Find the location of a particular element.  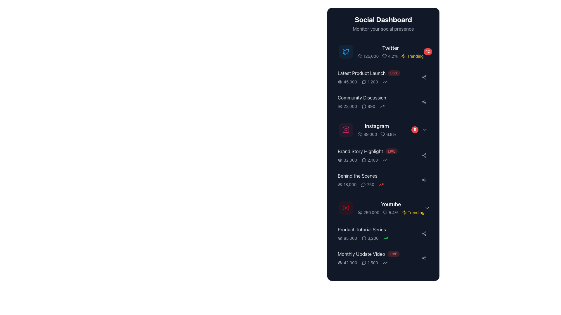

view count value from the Text element indicating the view count for the 'Brand Story Highlight' entry in the Instagram section of the dashboard is located at coordinates (347, 160).